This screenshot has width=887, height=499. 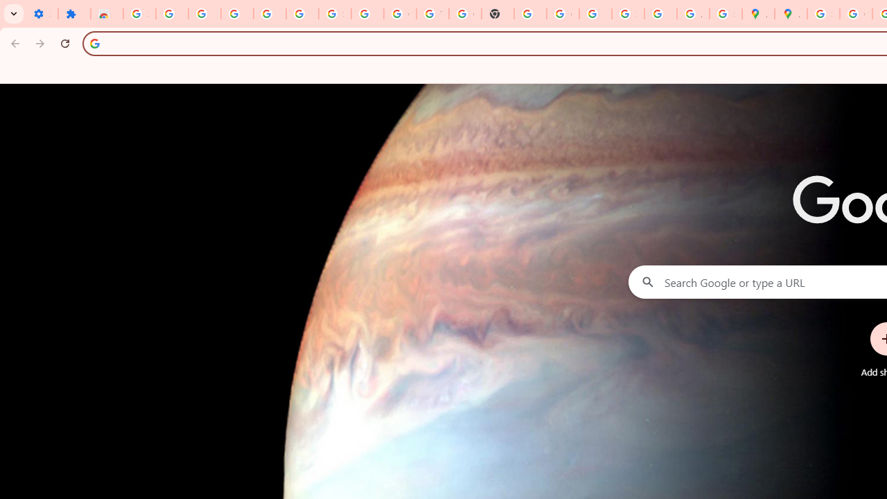 What do you see at coordinates (270, 14) in the screenshot?
I see `'Learn how to find your photos - Google Photos Help'` at bounding box center [270, 14].